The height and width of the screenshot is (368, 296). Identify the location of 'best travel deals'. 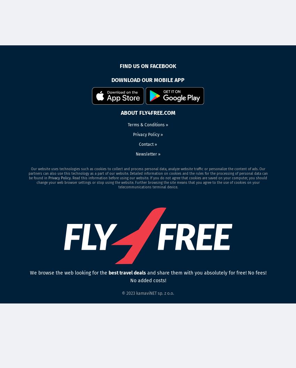
(108, 272).